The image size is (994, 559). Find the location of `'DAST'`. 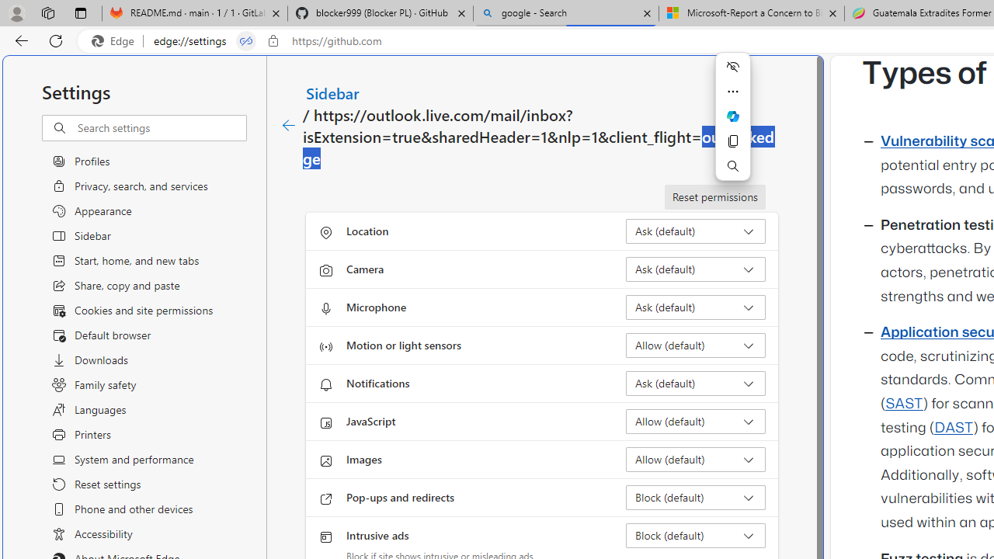

'DAST' is located at coordinates (953, 428).